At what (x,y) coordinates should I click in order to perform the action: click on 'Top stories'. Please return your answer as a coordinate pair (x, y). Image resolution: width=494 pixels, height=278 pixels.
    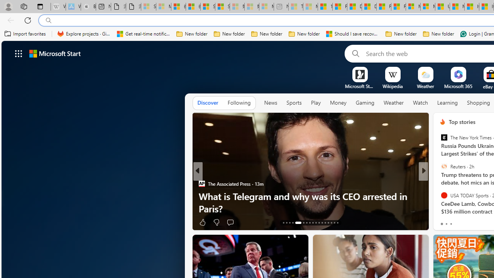
    Looking at the image, I should click on (462, 122).